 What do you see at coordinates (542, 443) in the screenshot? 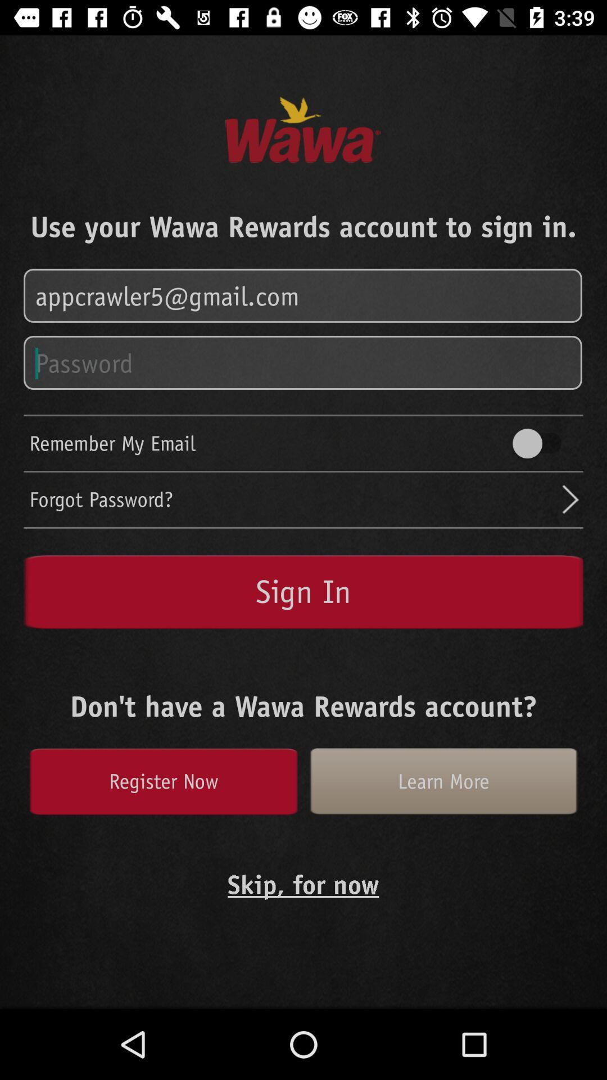
I see `the item next to the remember my email item` at bounding box center [542, 443].